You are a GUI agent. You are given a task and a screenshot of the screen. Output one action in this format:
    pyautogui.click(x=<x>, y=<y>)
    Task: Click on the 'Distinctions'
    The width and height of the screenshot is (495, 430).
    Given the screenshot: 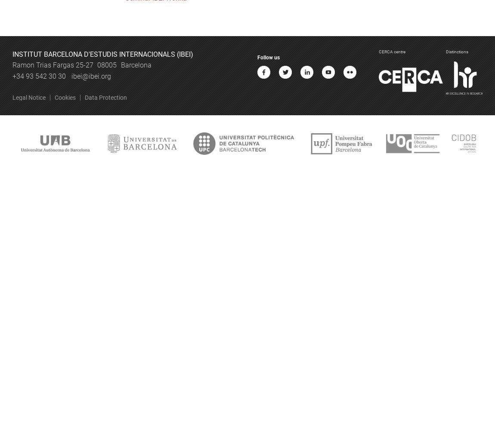 What is the action you would take?
    pyautogui.click(x=457, y=51)
    